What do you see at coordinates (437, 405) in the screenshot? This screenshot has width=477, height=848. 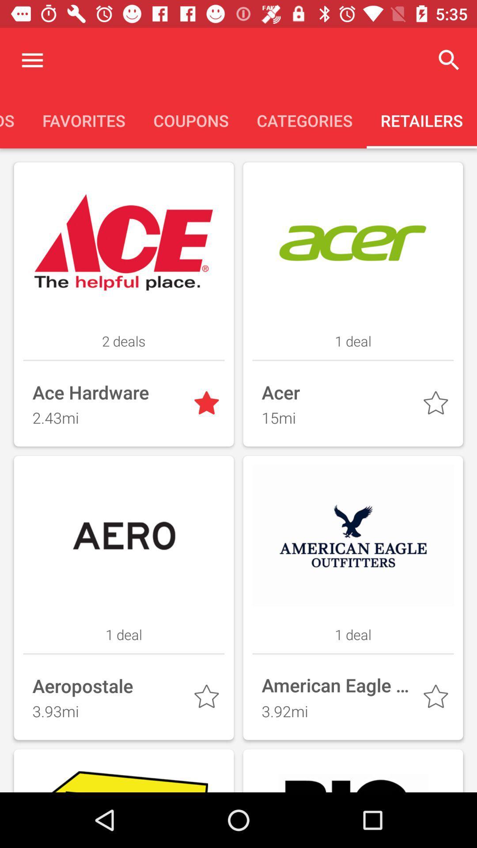 I see `favorite` at bounding box center [437, 405].